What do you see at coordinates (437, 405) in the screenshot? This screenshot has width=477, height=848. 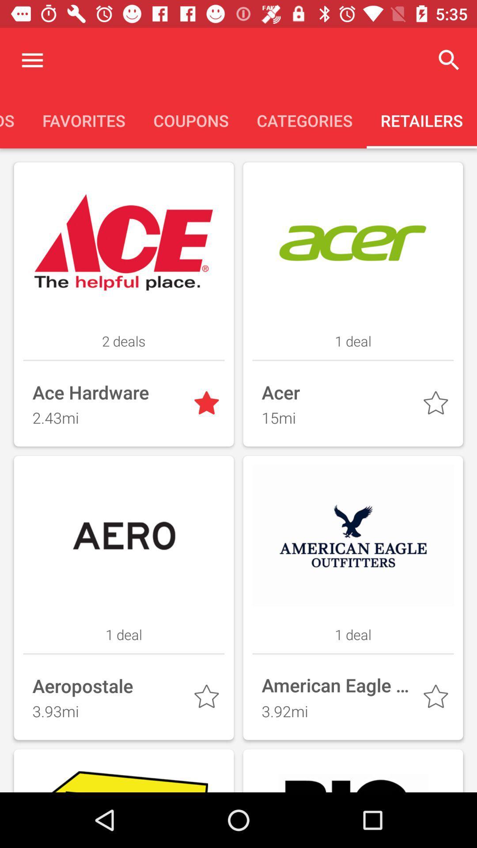 I see `favorite` at bounding box center [437, 405].